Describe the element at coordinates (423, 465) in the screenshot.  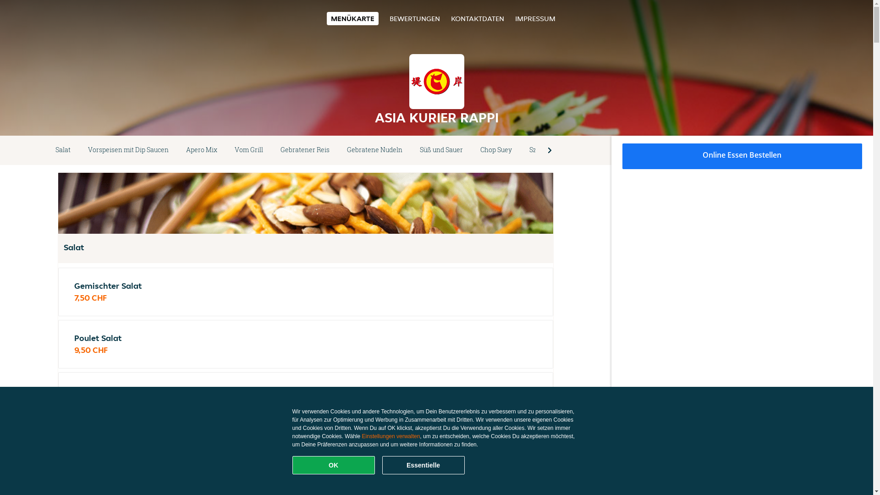
I see `'Essentielle'` at that location.